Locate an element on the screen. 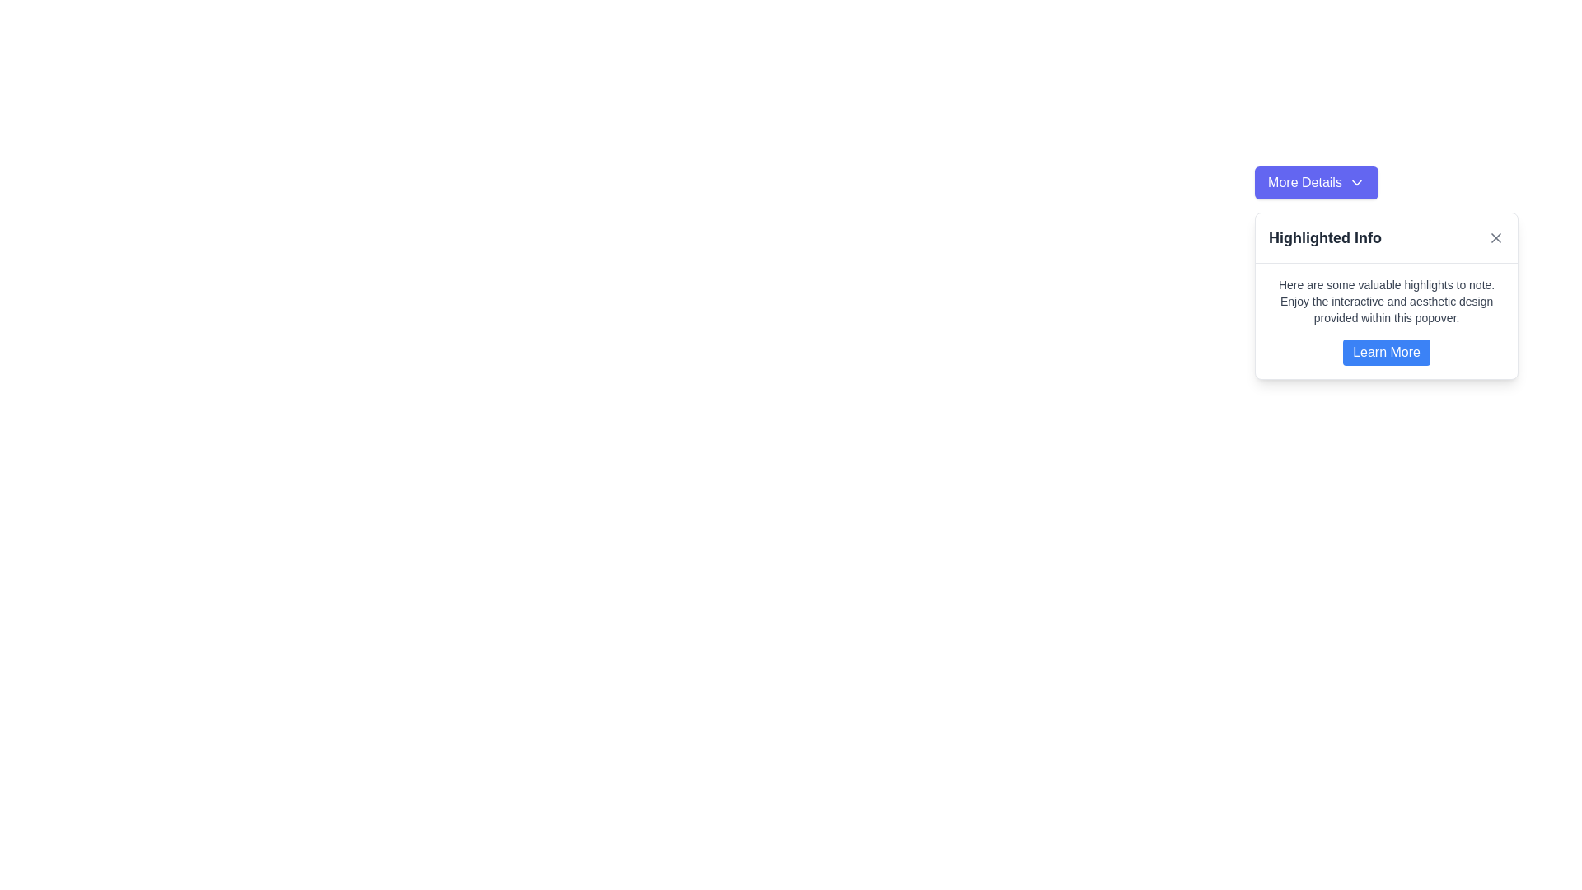 The width and height of the screenshot is (1582, 890). the Text Label located at the top of the popover, situated to the right of the 'More Details' button is located at coordinates (1325, 238).